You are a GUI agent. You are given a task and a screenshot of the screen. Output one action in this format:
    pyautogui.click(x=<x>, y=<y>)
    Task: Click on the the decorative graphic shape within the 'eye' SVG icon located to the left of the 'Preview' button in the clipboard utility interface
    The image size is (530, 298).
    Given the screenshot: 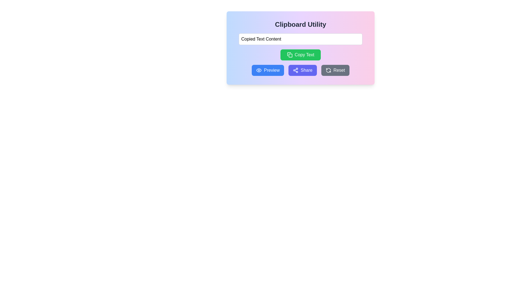 What is the action you would take?
    pyautogui.click(x=259, y=70)
    